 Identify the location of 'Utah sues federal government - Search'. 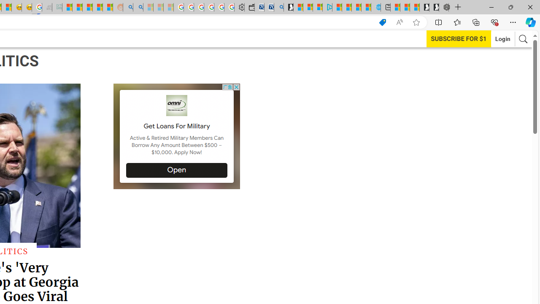
(138, 7).